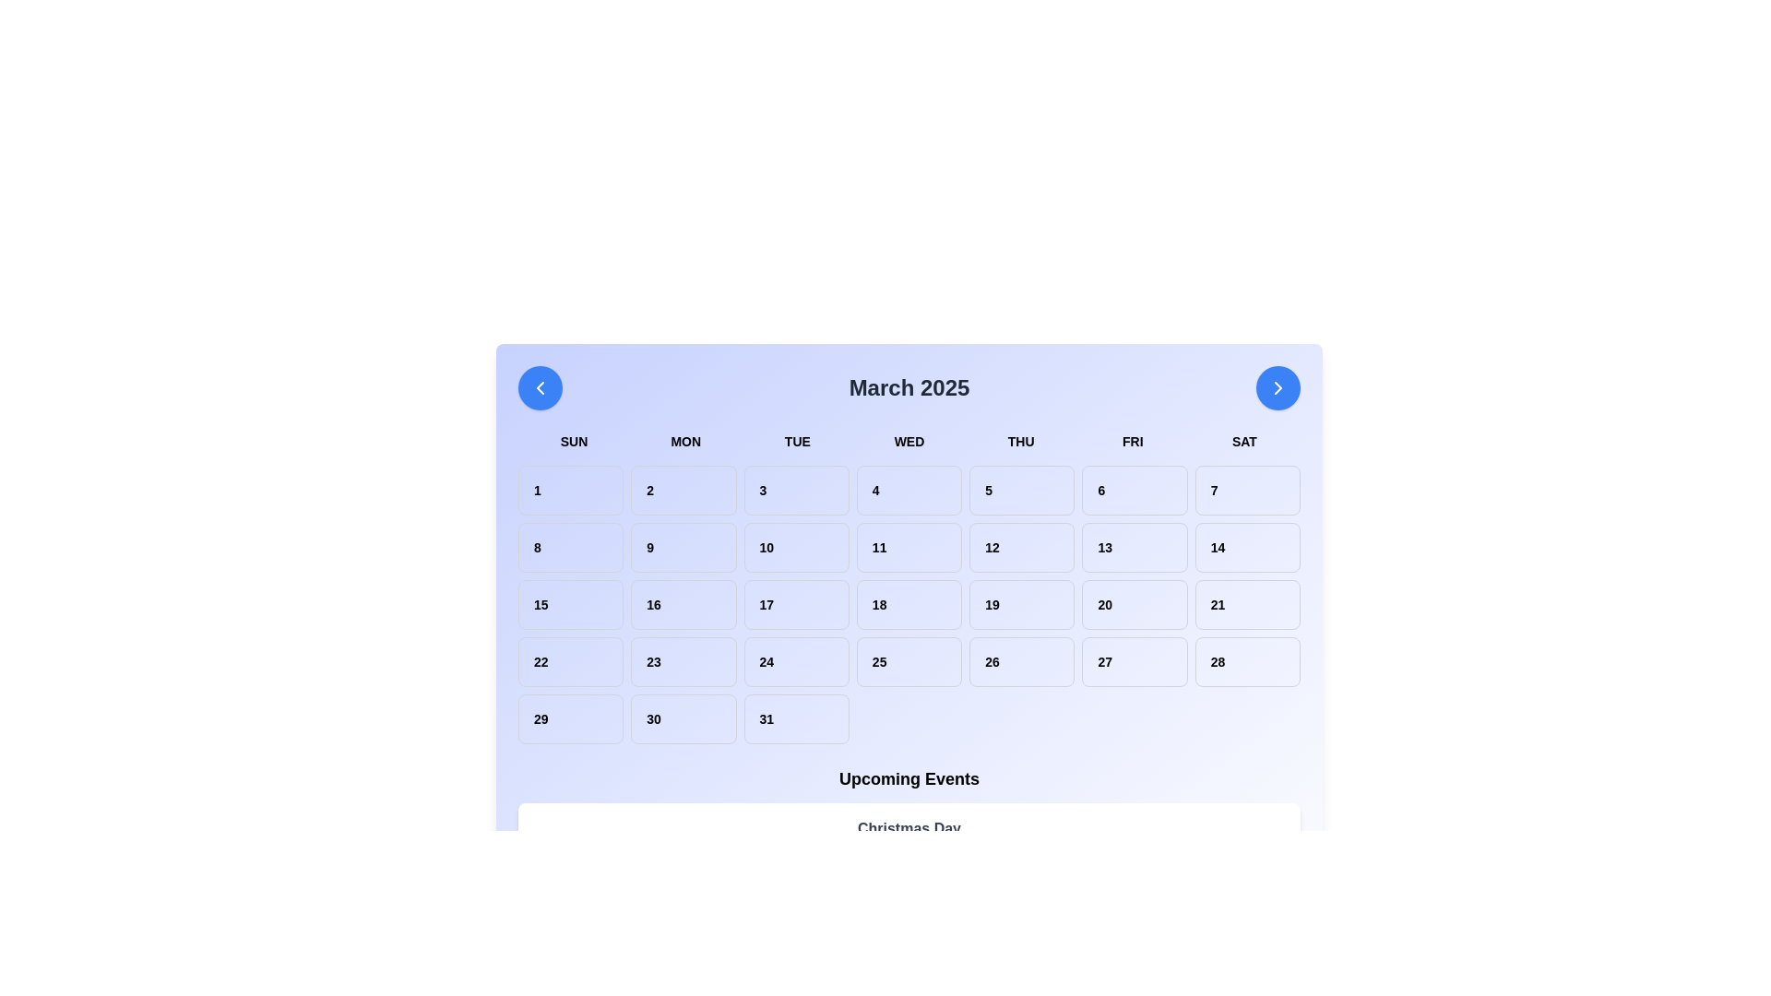 The image size is (1771, 996). Describe the element at coordinates (909, 490) in the screenshot. I see `the selectable day button representing '4th' in the calendar widget for keyboard navigation` at that location.